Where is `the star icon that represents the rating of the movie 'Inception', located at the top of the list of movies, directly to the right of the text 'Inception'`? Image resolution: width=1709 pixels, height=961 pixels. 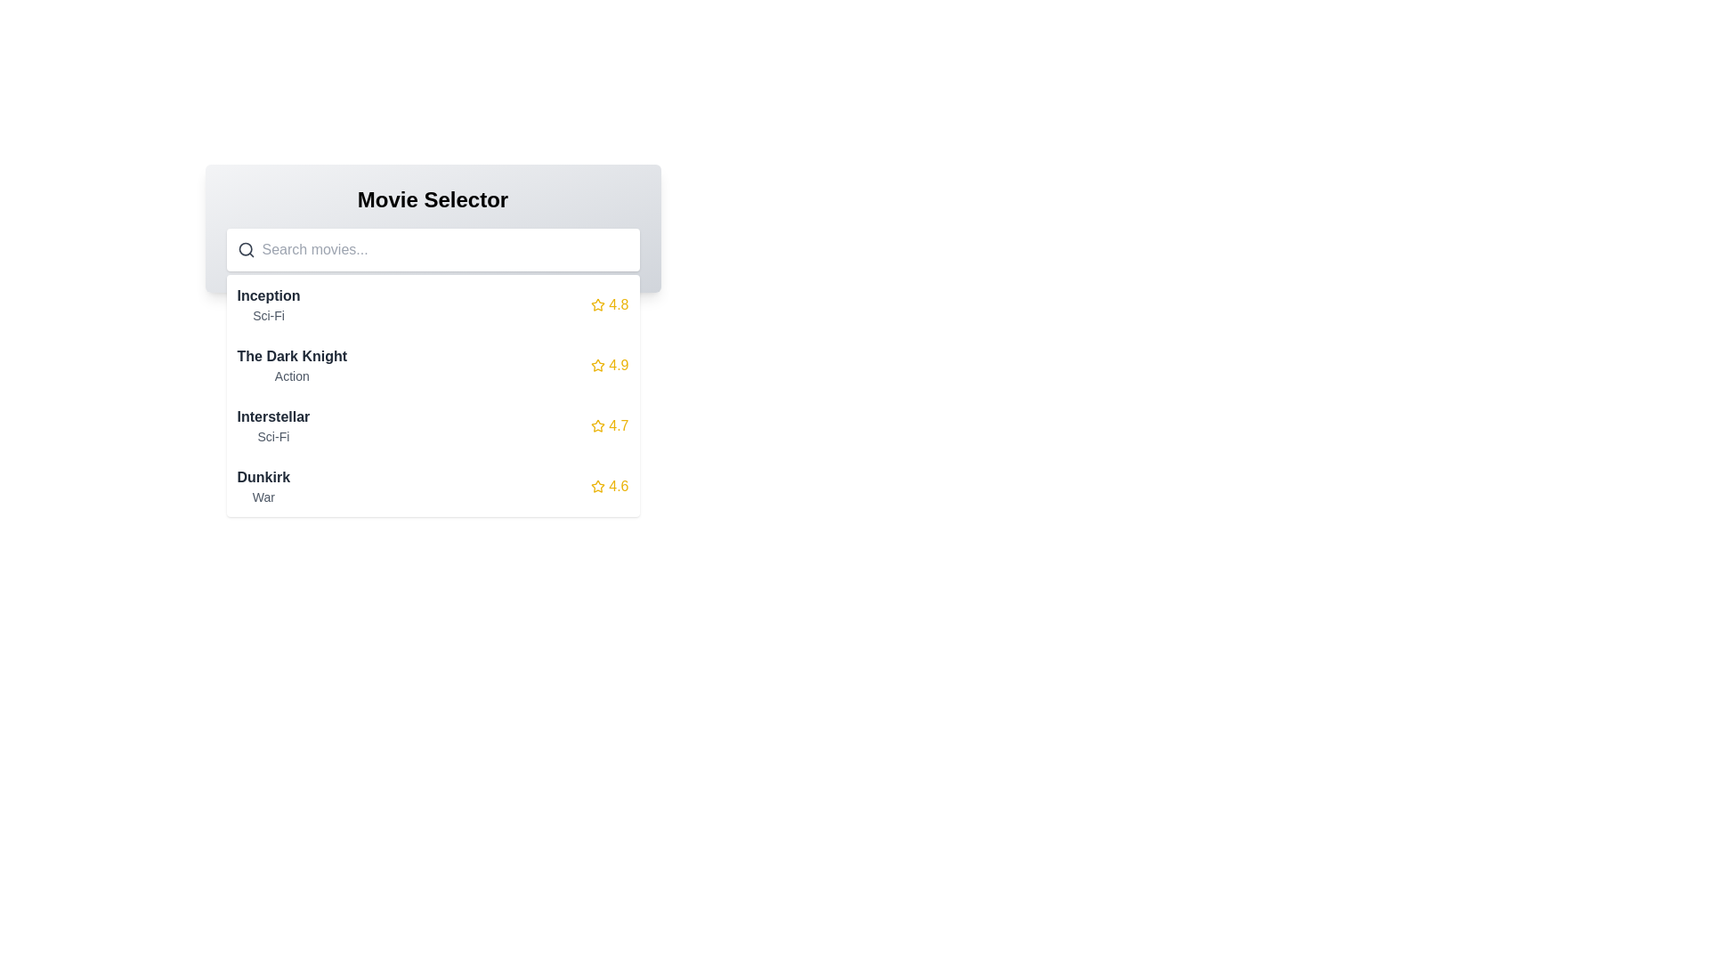
the star icon that represents the rating of the movie 'Inception', located at the top of the list of movies, directly to the right of the text 'Inception' is located at coordinates (598, 304).